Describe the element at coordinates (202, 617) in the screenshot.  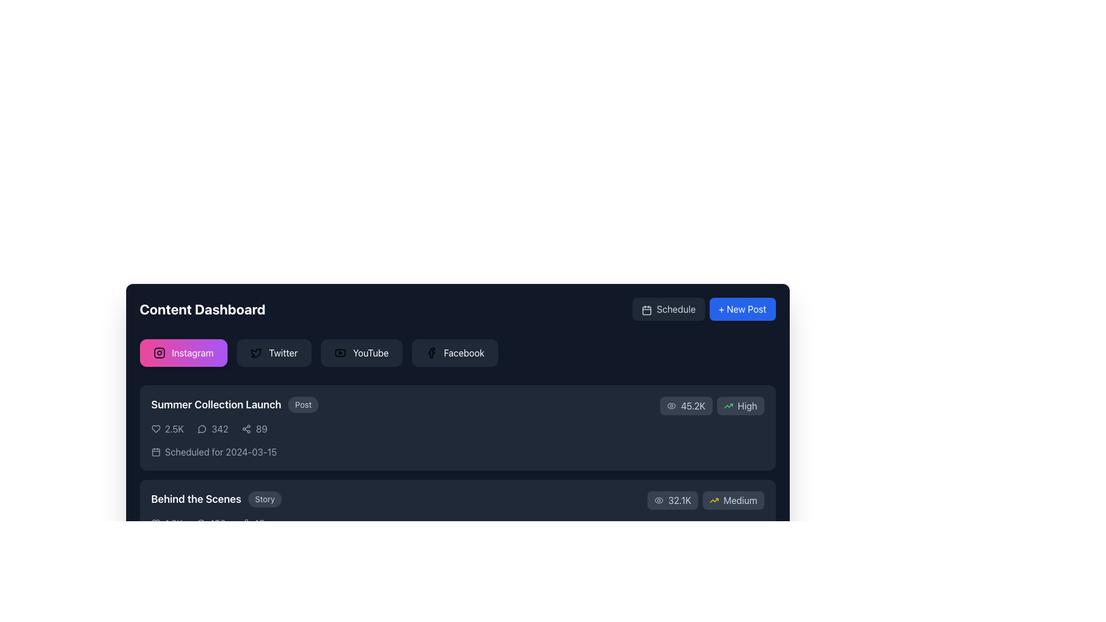
I see `the comment icon located at the bottom-center of the display in the comment section of the post titled 'Summer Collection Launch'` at that location.